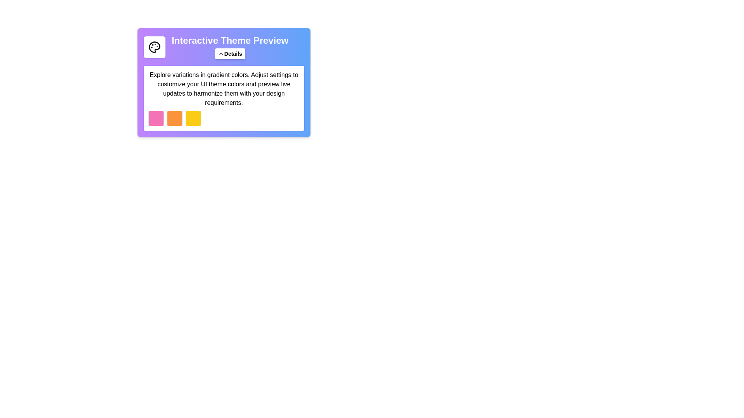 The width and height of the screenshot is (744, 418). I want to click on the compact, square-shaped UI element with a white background and a black outline of a palette icon, located in the top-left section of the interface, so click(154, 47).